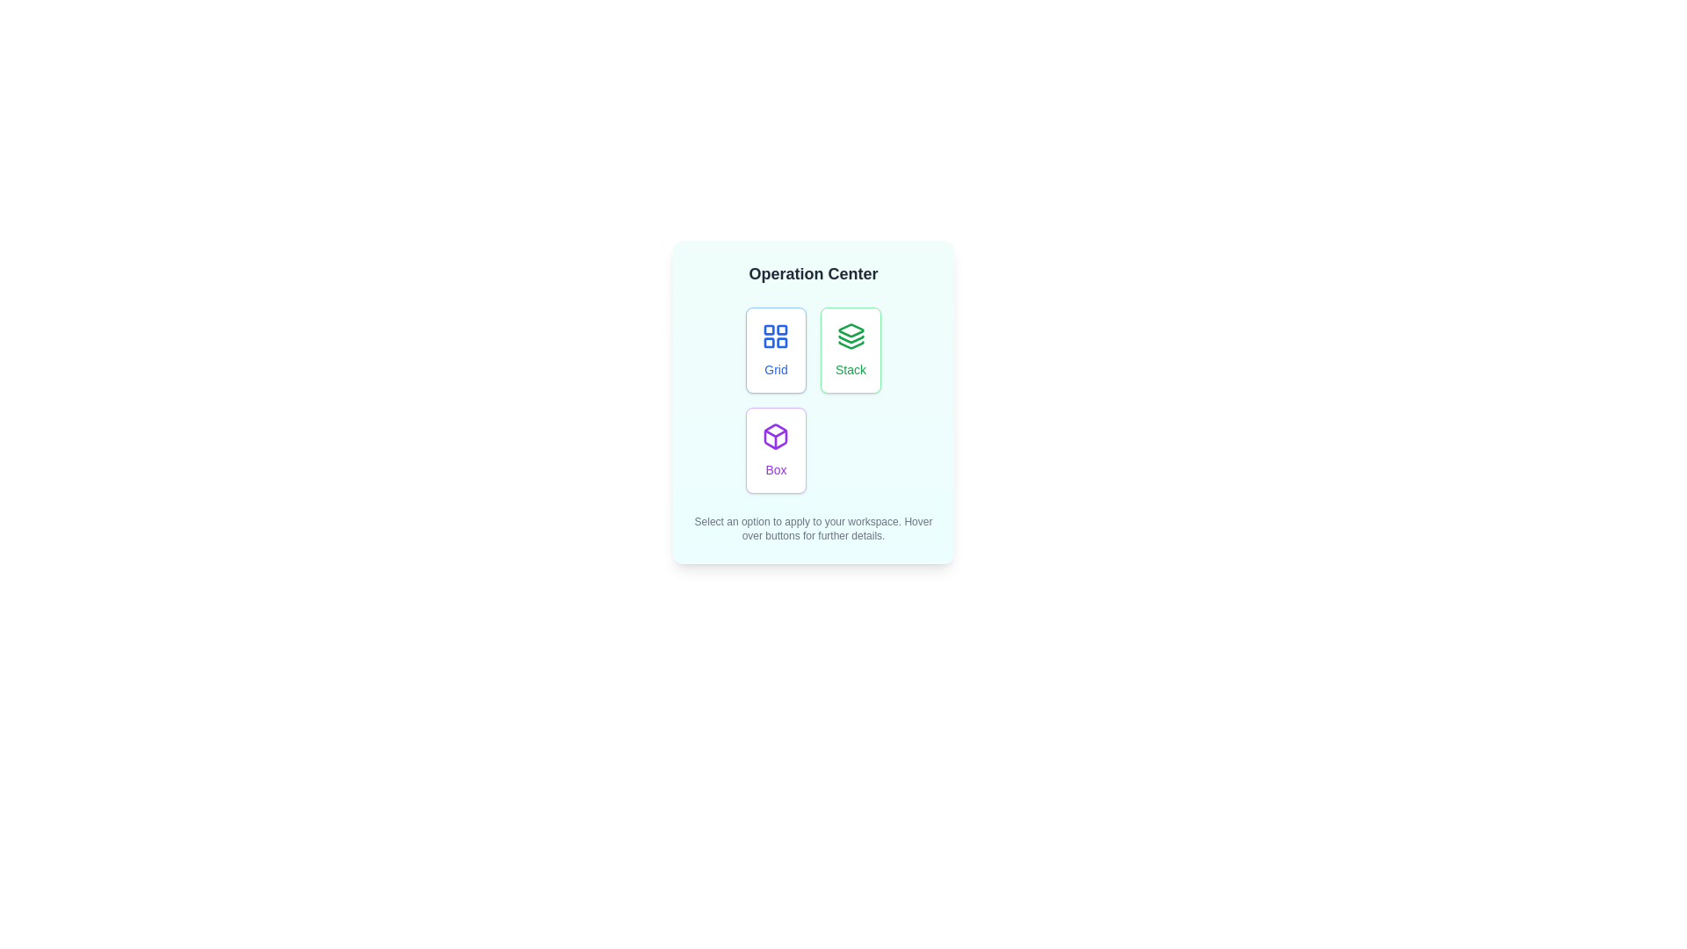  What do you see at coordinates (851, 350) in the screenshot?
I see `the 'Stack' button, which has a white background, green text, and an icon of stacked layers` at bounding box center [851, 350].